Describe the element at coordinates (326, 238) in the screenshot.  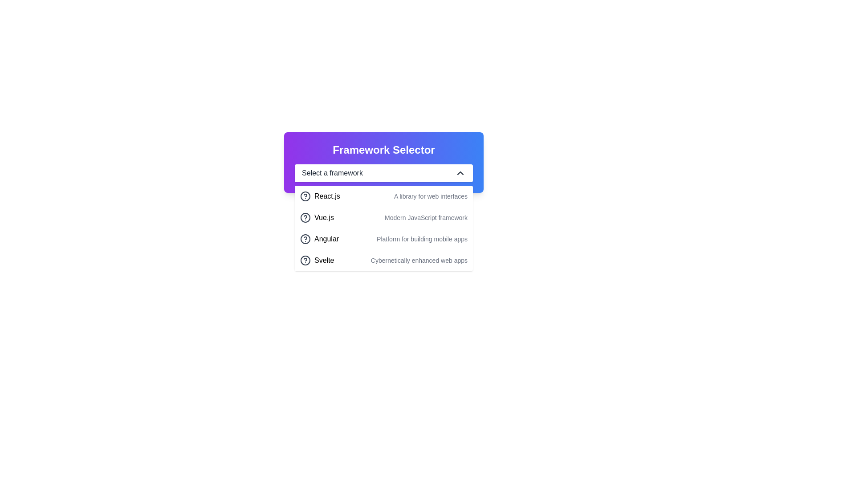
I see `the 'Angular' text label in the 'Framework Selector' dropdown menu` at that location.